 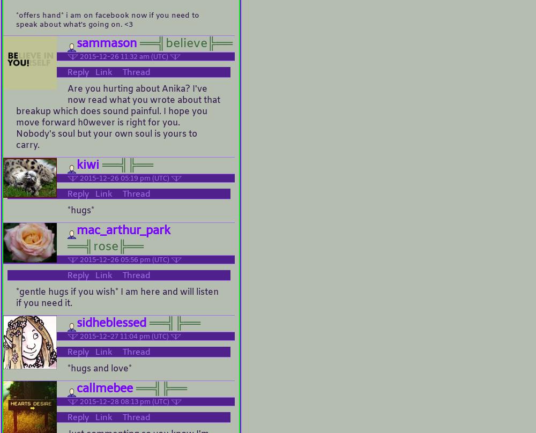 What do you see at coordinates (105, 247) in the screenshot?
I see `'══╣rose╠══'` at bounding box center [105, 247].